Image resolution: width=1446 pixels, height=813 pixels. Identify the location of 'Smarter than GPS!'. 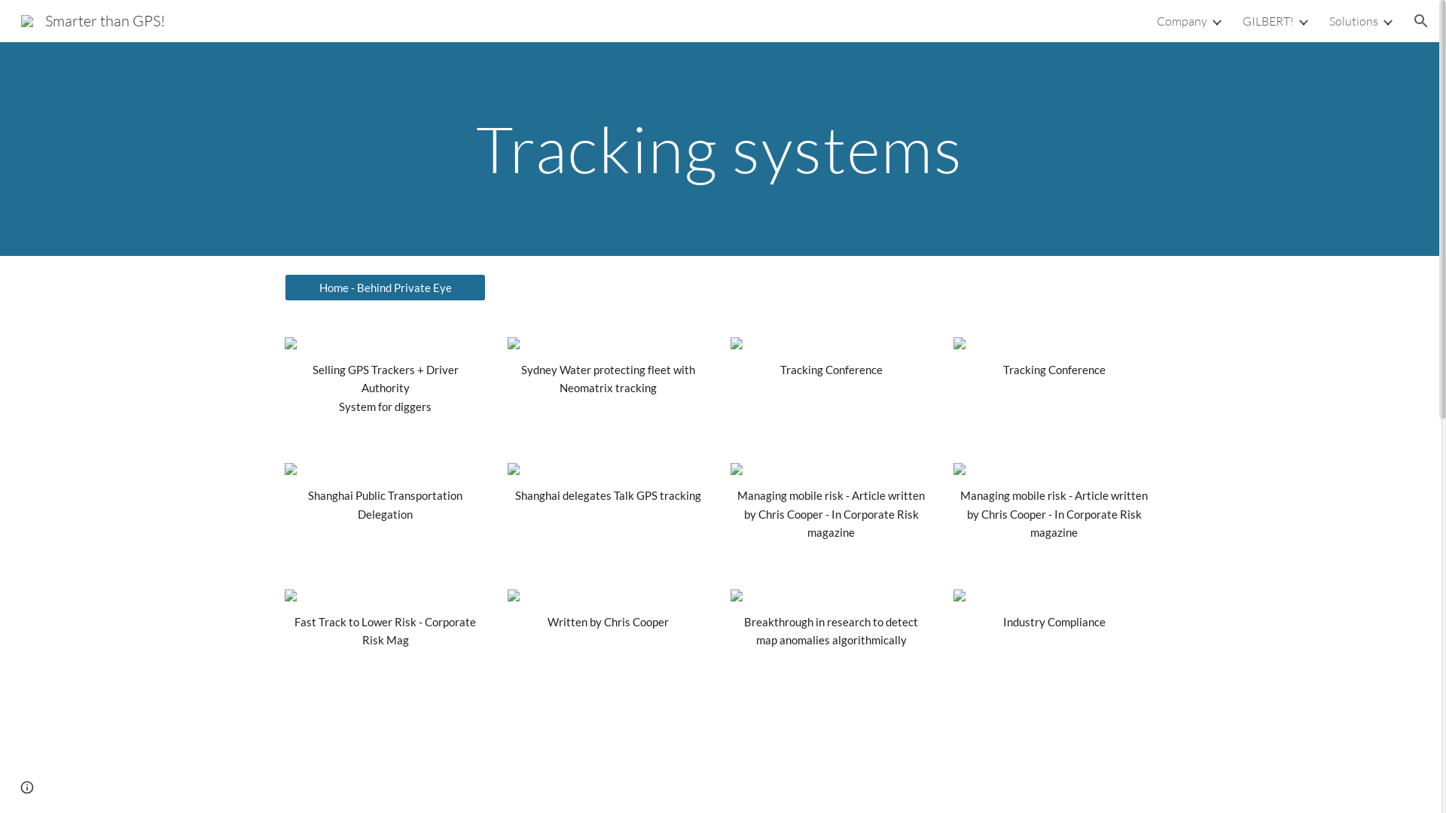
(92, 19).